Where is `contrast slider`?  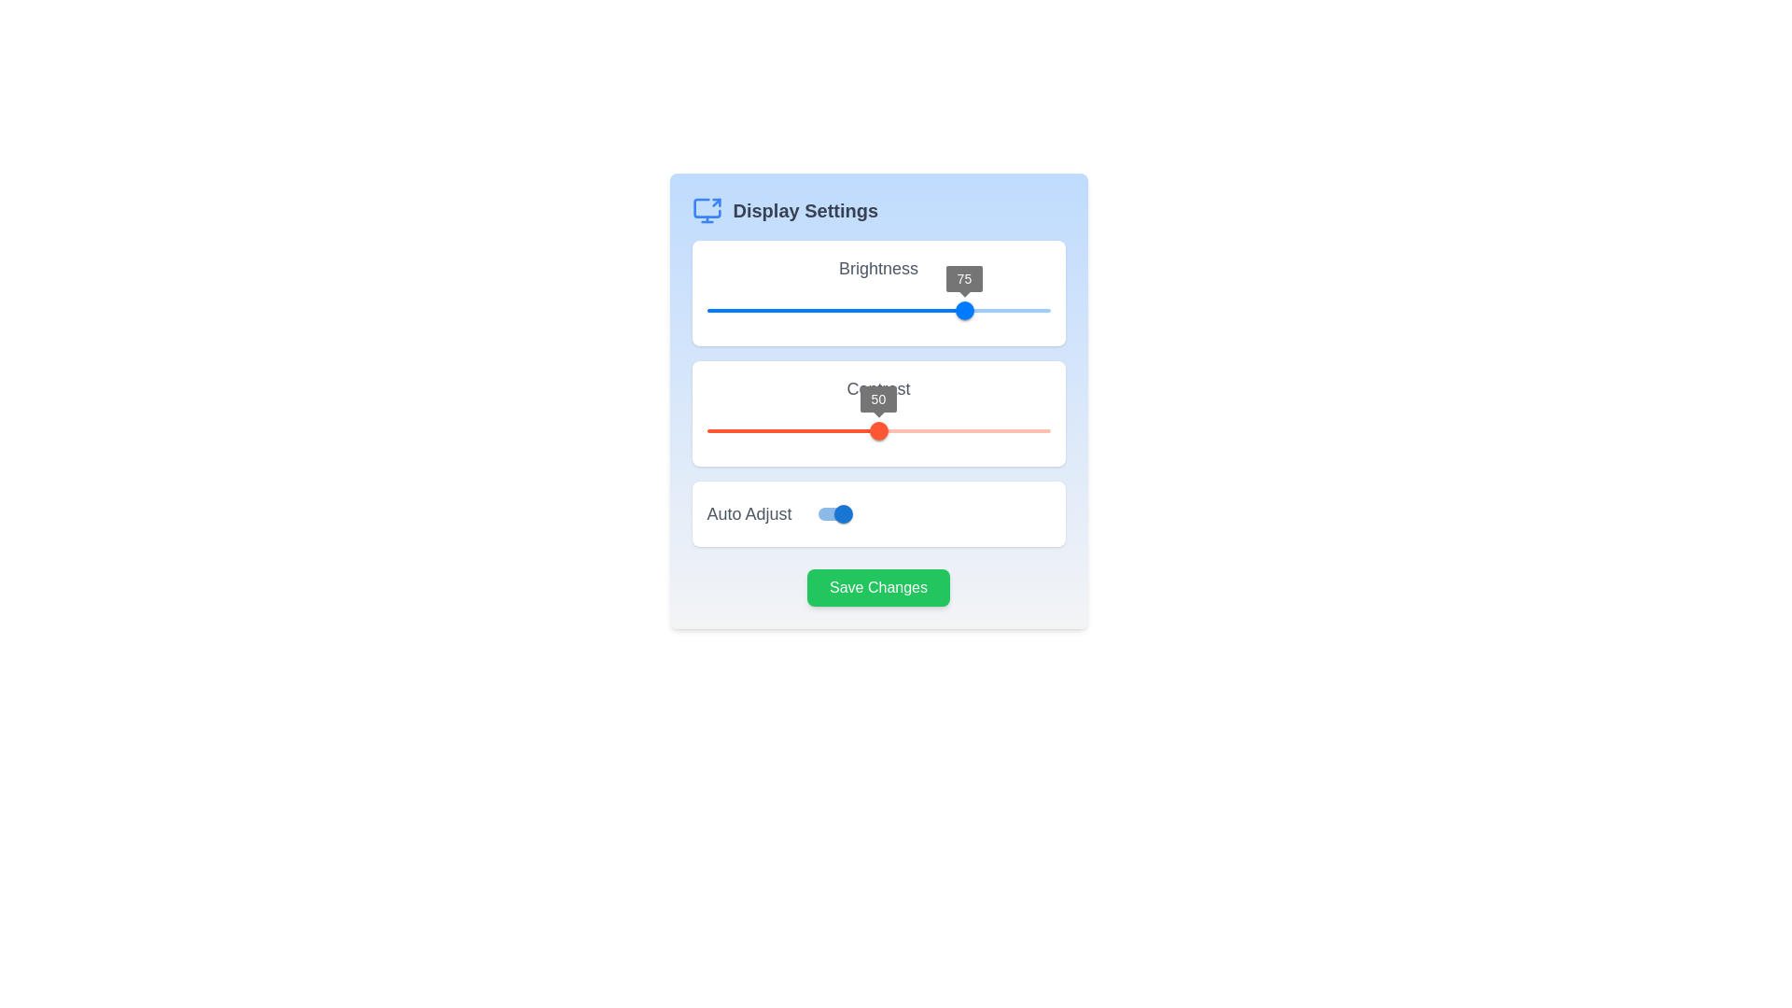 contrast slider is located at coordinates (884, 431).